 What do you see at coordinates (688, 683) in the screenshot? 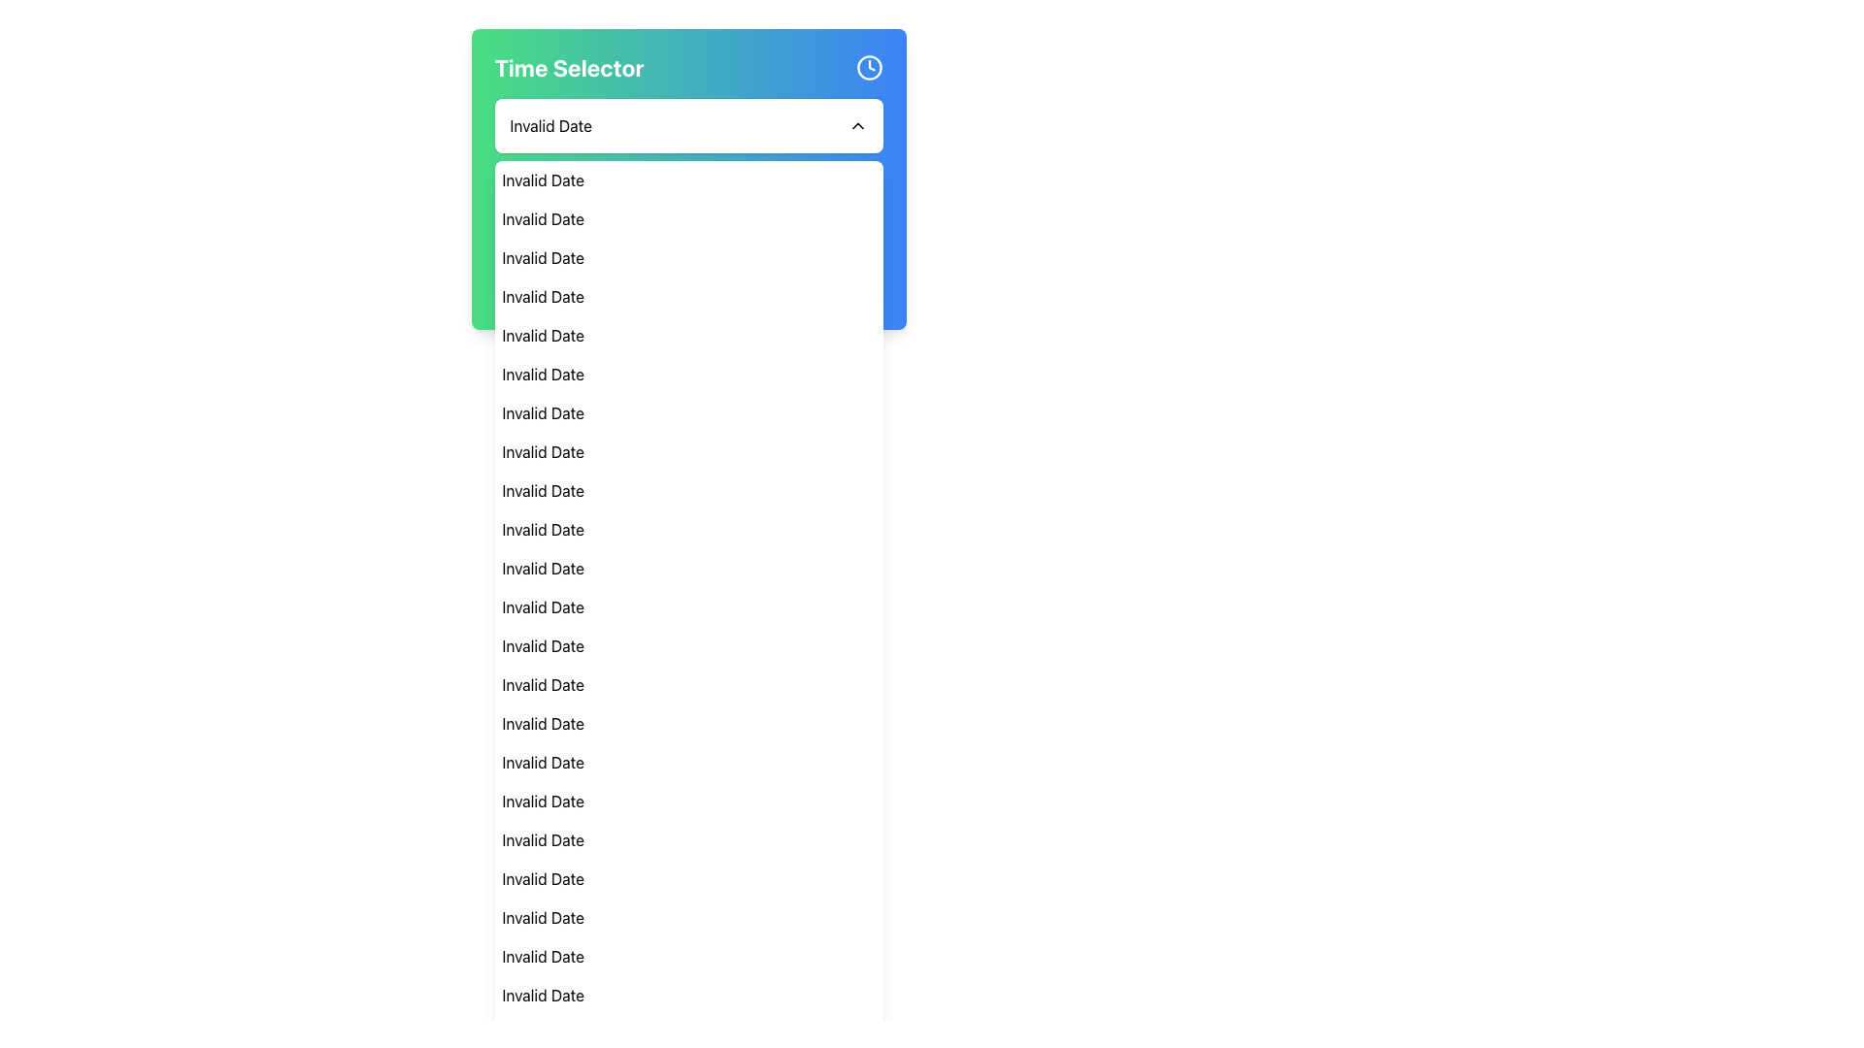
I see `the 14th item in the dropdown menu` at bounding box center [688, 683].